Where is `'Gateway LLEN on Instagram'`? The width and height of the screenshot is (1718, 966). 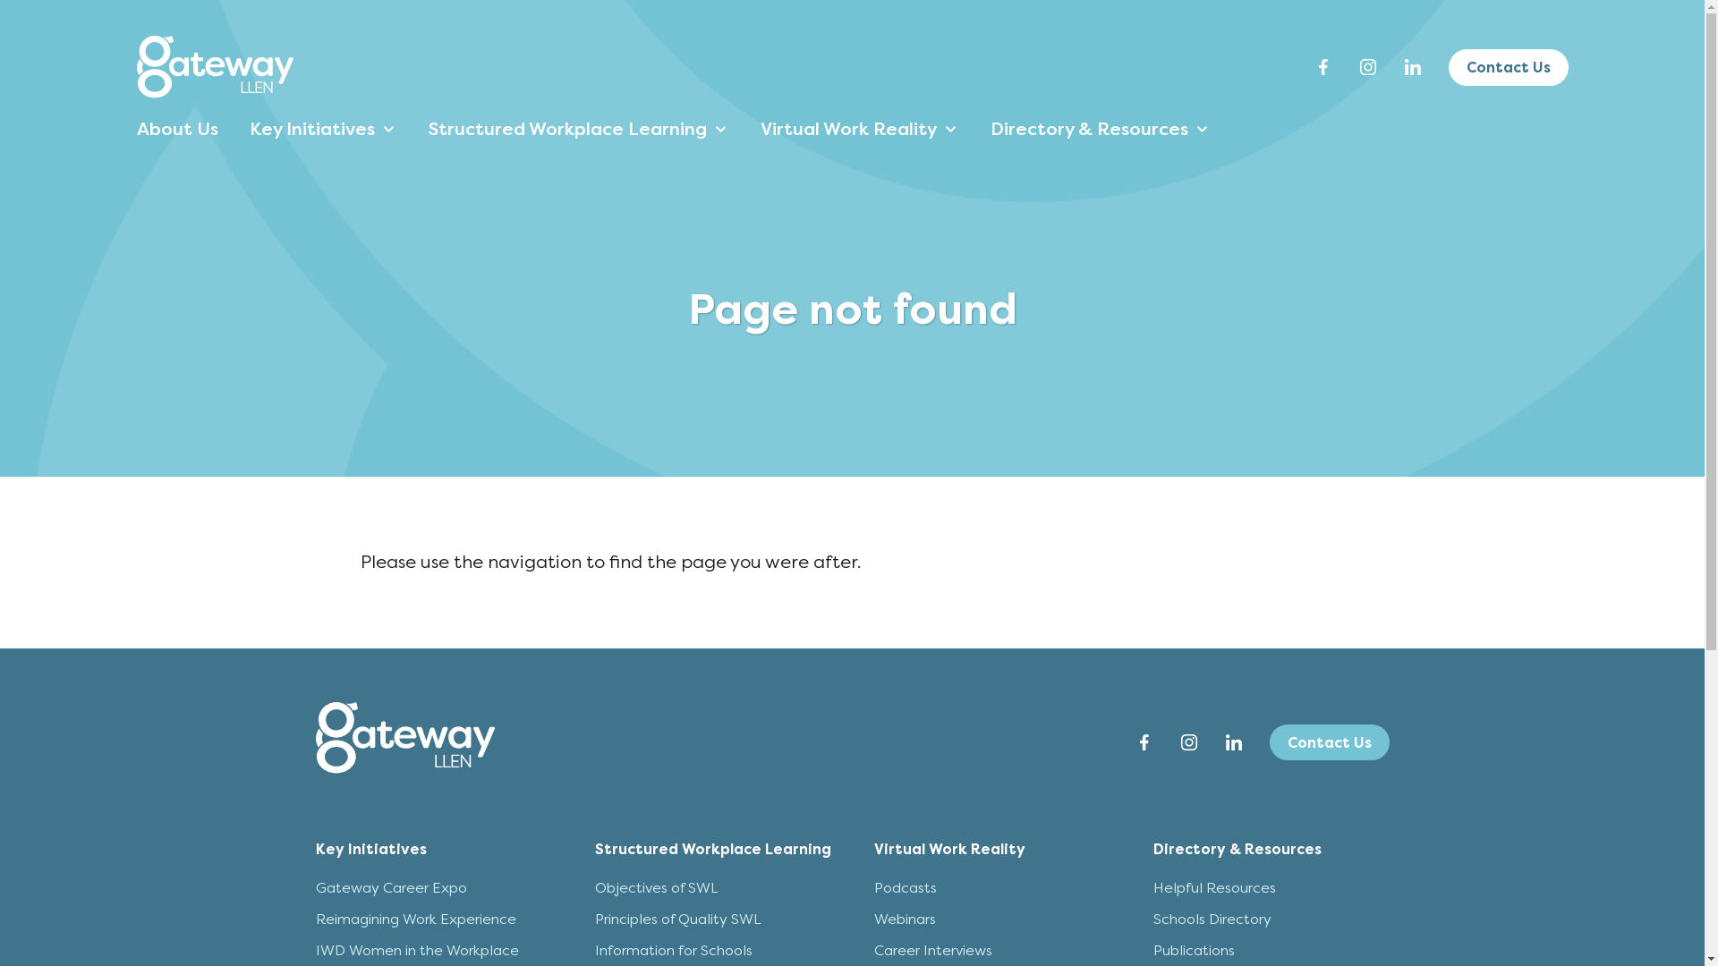 'Gateway LLEN on Instagram' is located at coordinates (1365, 65).